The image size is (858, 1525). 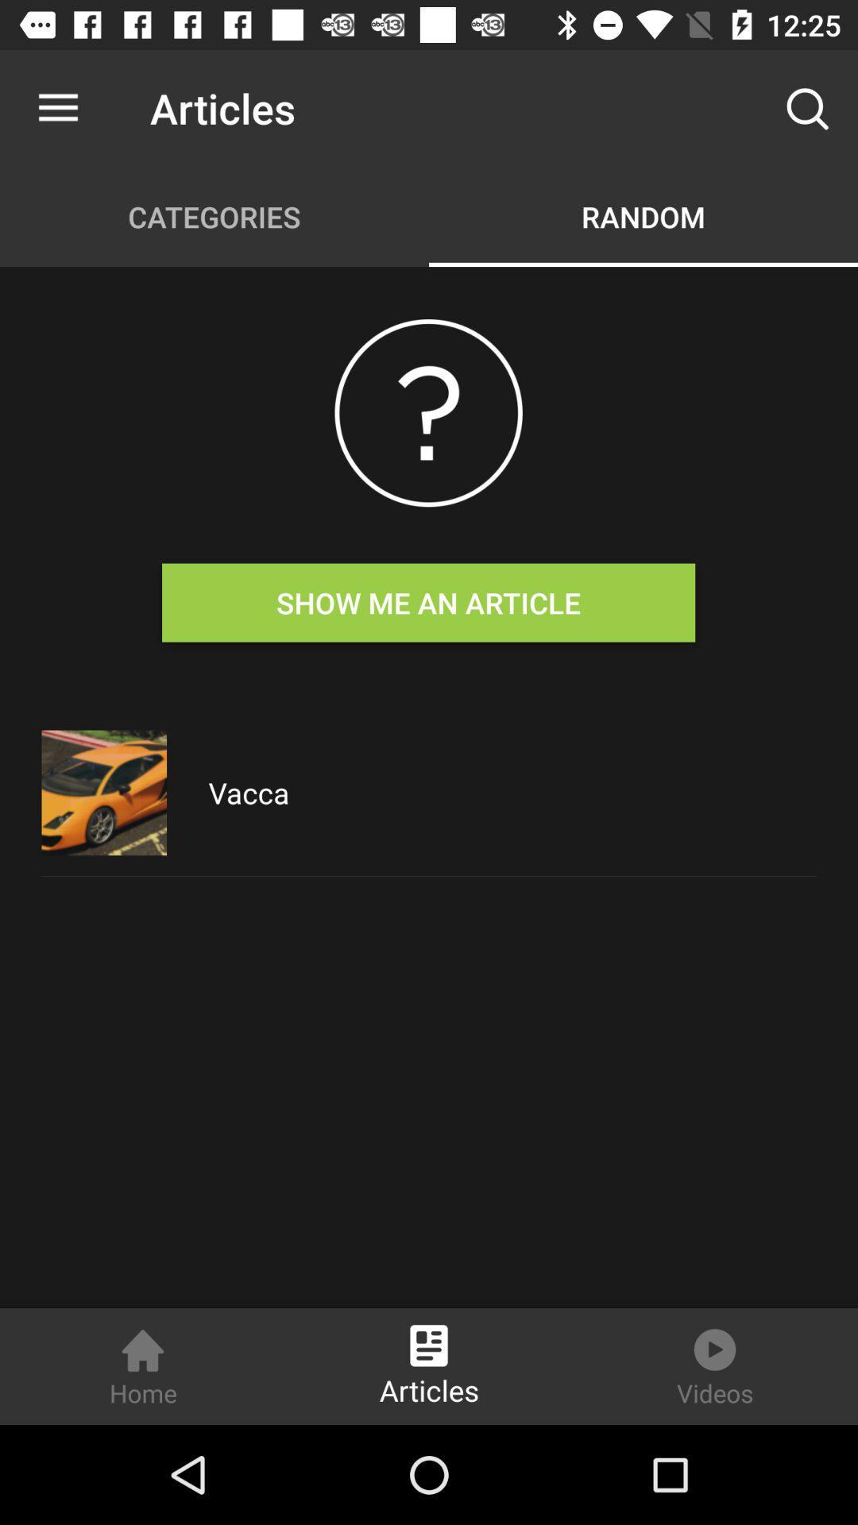 I want to click on the item to the right of the articles item, so click(x=808, y=107).